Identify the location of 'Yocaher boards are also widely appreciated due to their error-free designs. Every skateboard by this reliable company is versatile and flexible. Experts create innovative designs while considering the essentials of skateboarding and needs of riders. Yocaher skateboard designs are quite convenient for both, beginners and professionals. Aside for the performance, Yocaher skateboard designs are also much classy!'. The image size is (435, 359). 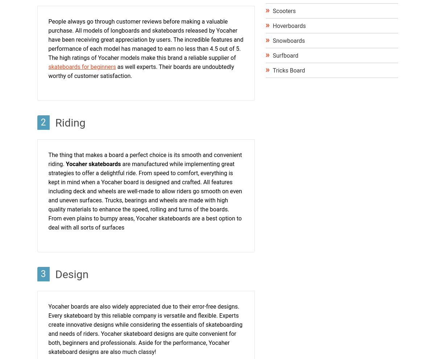
(145, 329).